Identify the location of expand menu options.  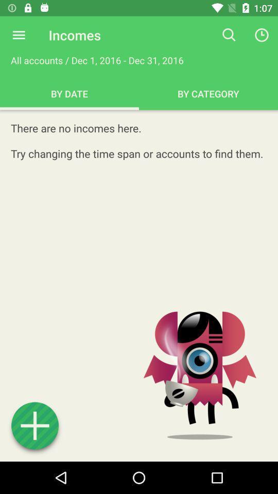
(19, 35).